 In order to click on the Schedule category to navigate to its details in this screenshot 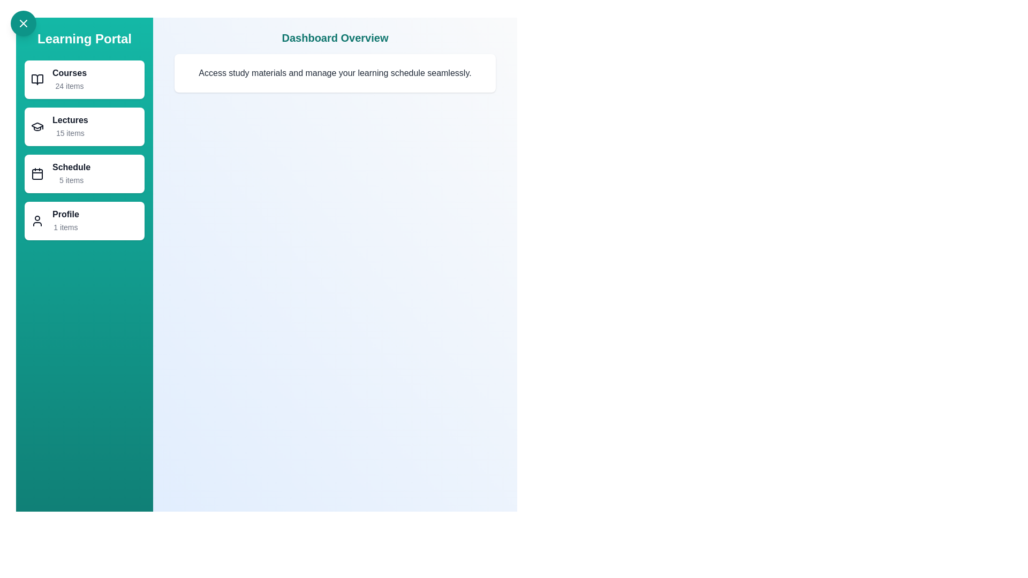, I will do `click(84, 173)`.